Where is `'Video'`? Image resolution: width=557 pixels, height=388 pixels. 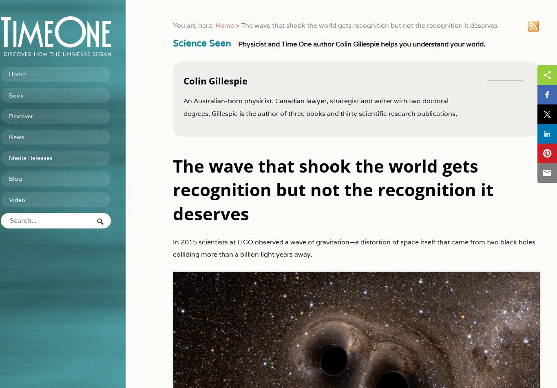
'Video' is located at coordinates (30, 195).